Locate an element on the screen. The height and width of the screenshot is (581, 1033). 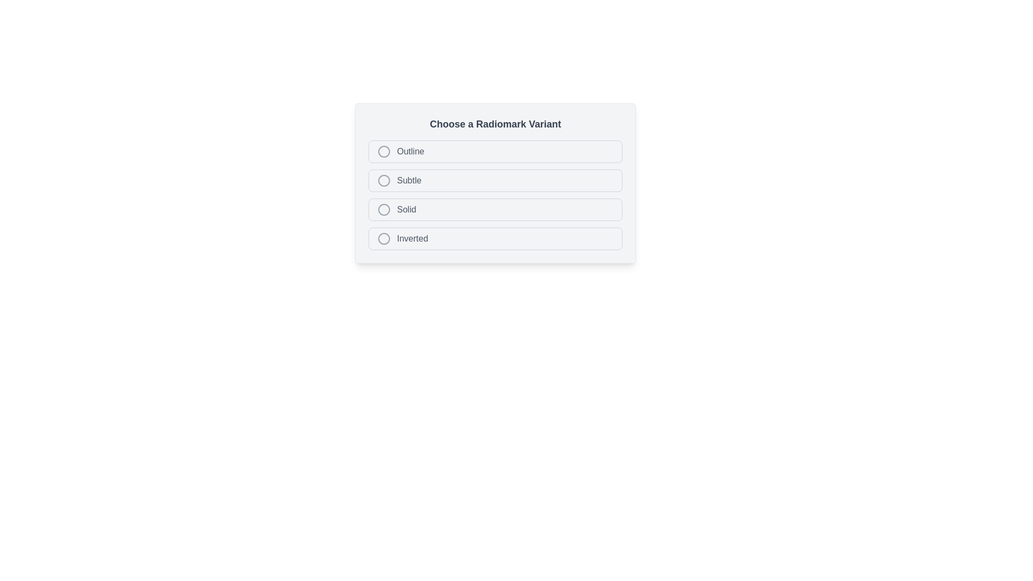
the 'Outline' text label within the first selectable option of the 'Choose a Radiomark Variant' form to trigger a visual effect is located at coordinates (410, 151).